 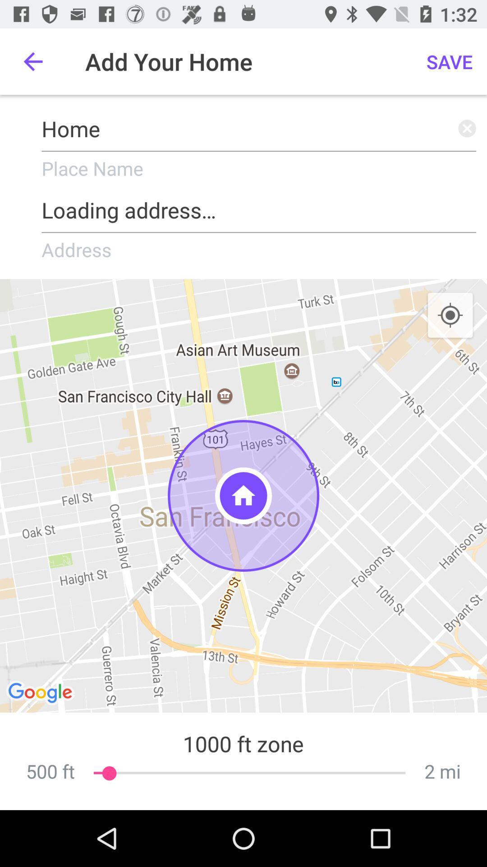 What do you see at coordinates (32, 61) in the screenshot?
I see `the icon to the left of add your home icon` at bounding box center [32, 61].